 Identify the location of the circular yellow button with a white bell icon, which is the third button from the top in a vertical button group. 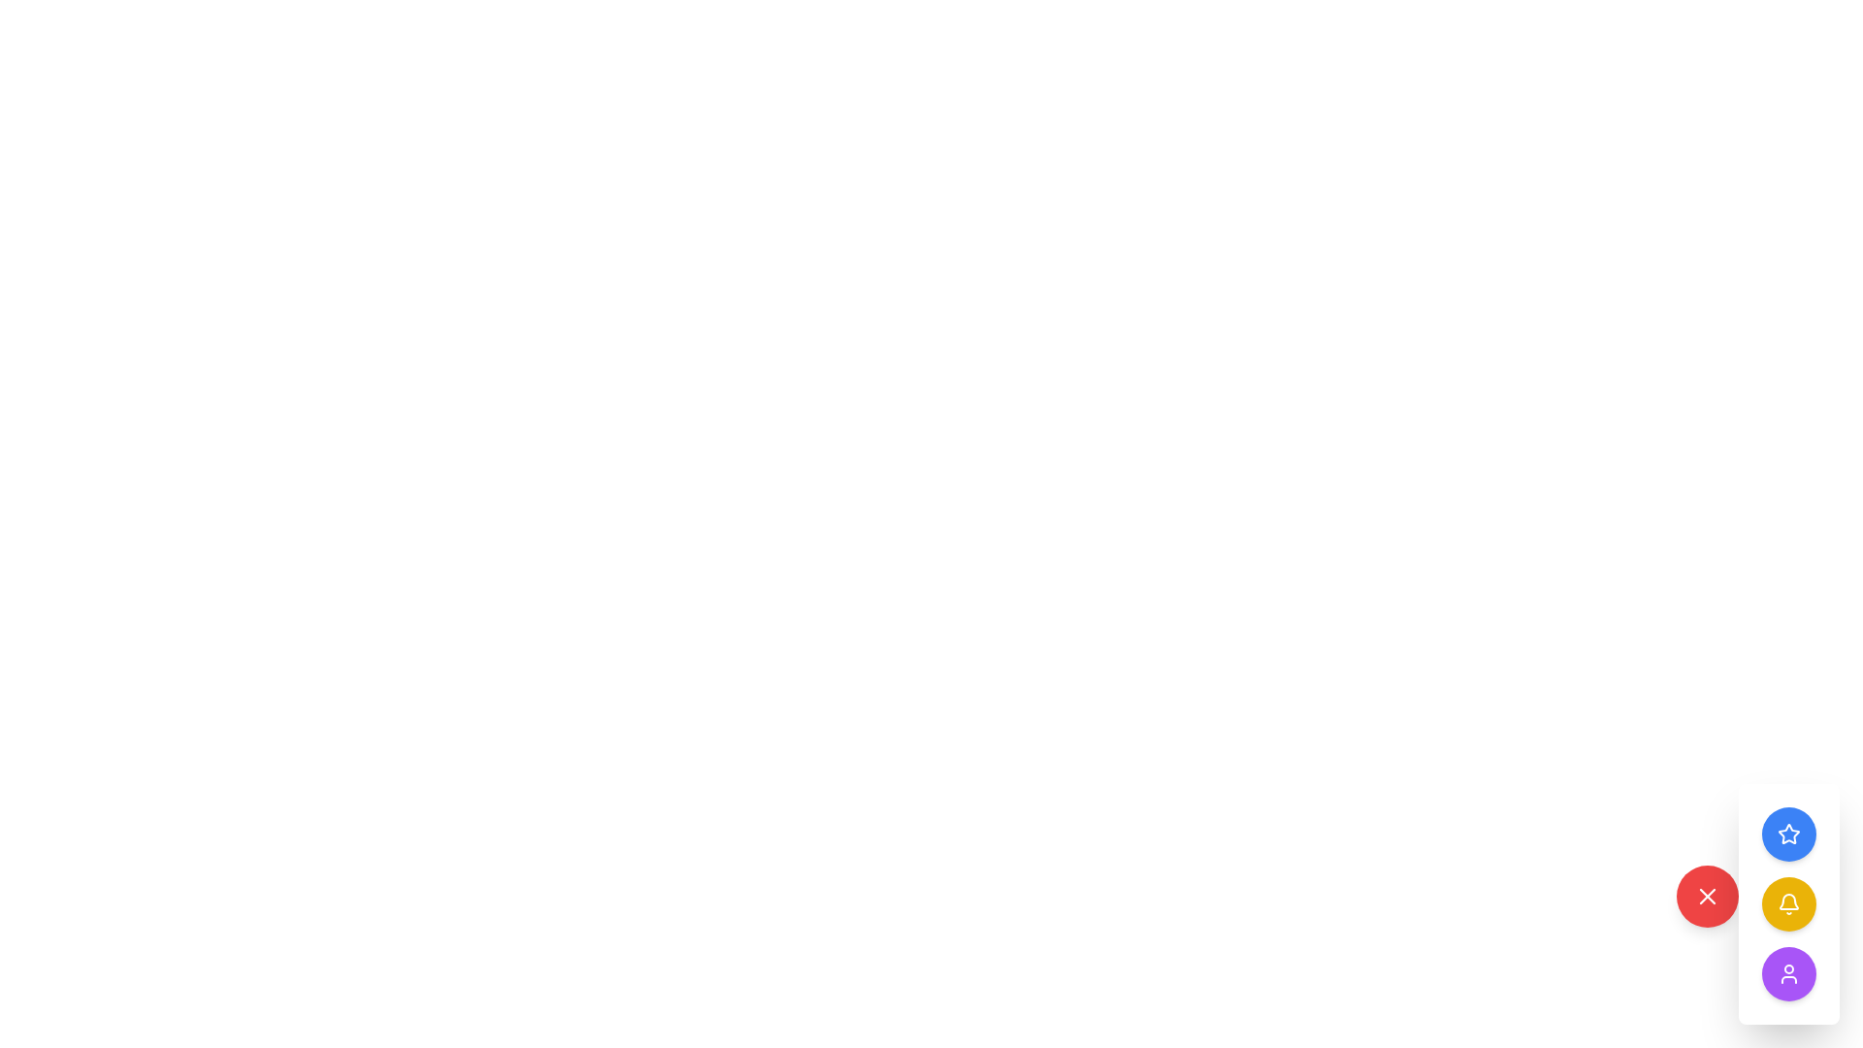
(1787, 904).